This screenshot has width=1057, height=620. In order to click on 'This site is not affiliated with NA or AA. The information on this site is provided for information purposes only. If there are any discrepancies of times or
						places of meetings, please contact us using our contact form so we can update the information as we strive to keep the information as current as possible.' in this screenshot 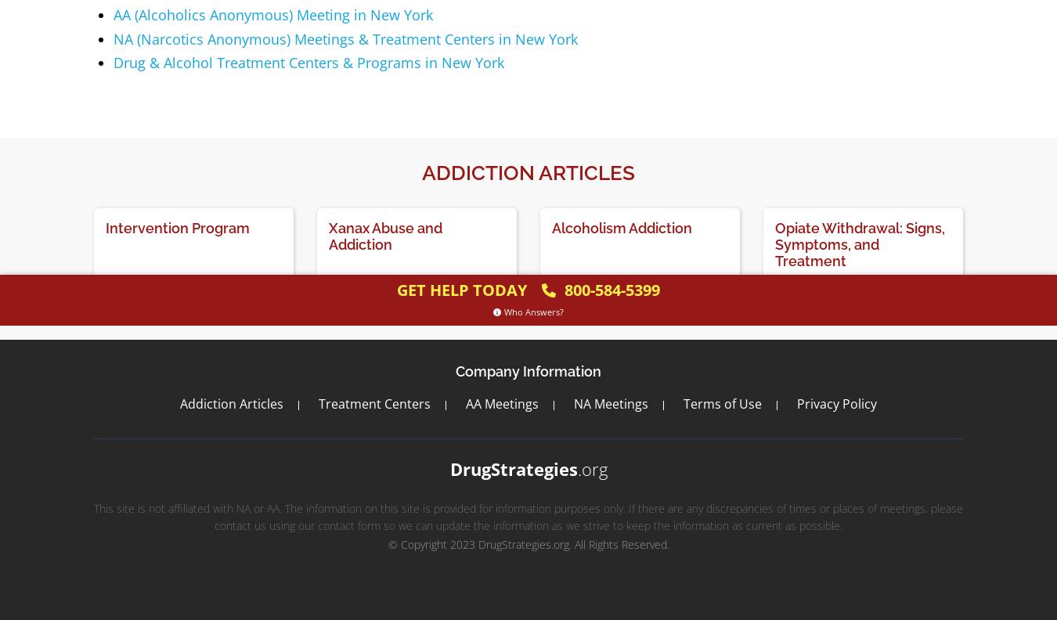, I will do `click(94, 516)`.